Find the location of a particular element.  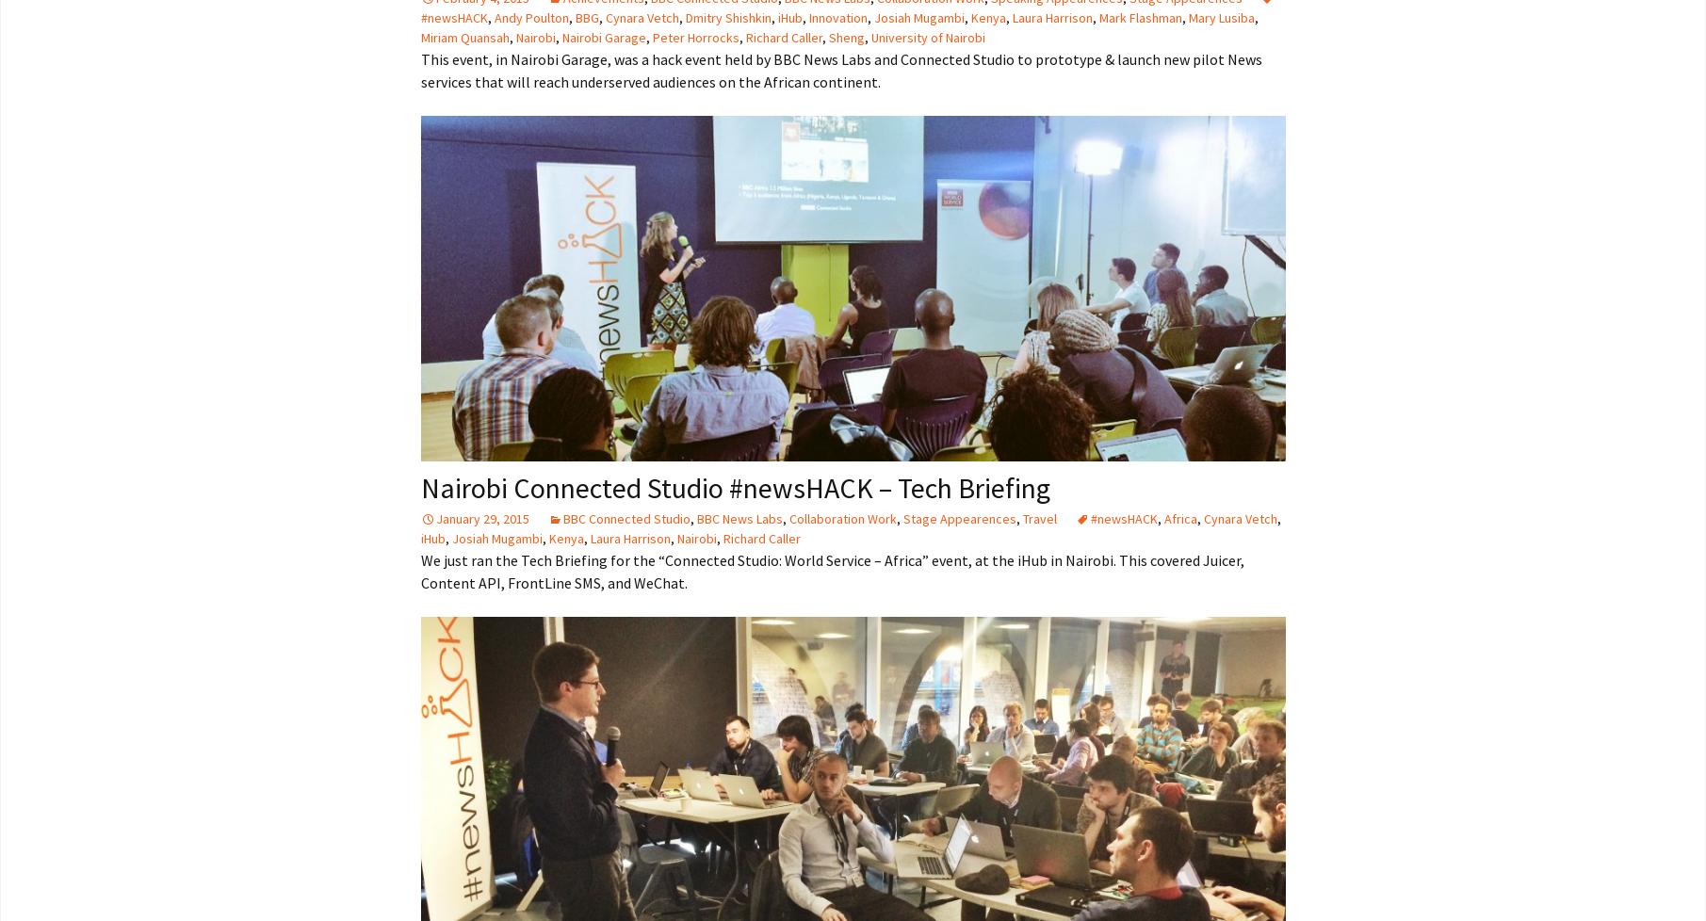

'Peter Horrocks' is located at coordinates (693, 37).